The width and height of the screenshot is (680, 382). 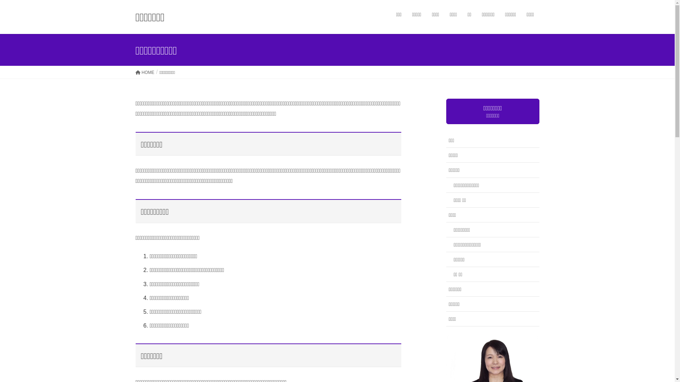 What do you see at coordinates (144, 72) in the screenshot?
I see `'HOME'` at bounding box center [144, 72].